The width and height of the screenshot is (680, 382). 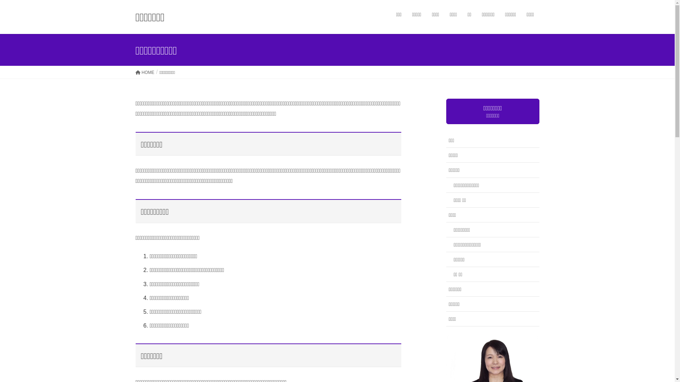 What do you see at coordinates (144, 72) in the screenshot?
I see `'HOME'` at bounding box center [144, 72].